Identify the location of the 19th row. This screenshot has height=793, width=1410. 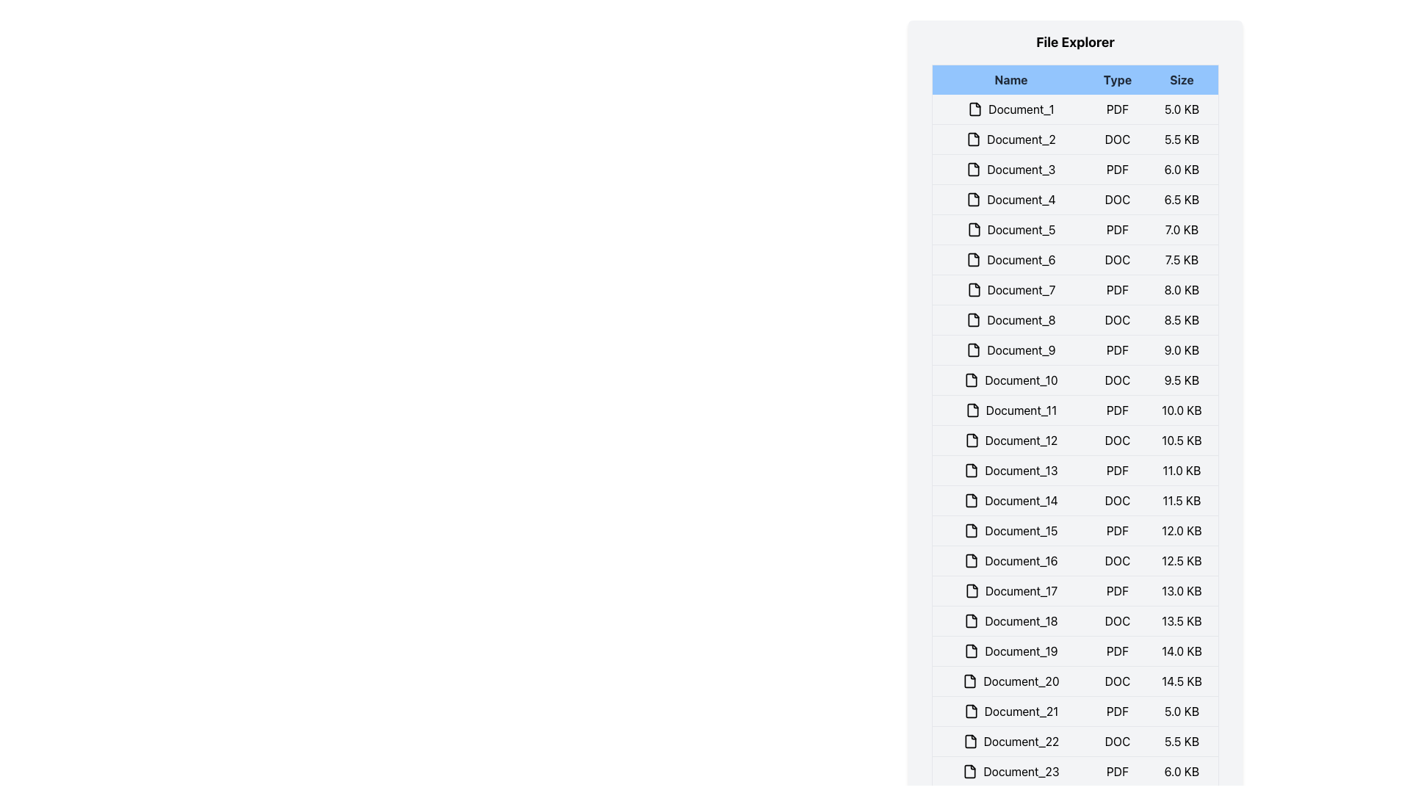
(1075, 651).